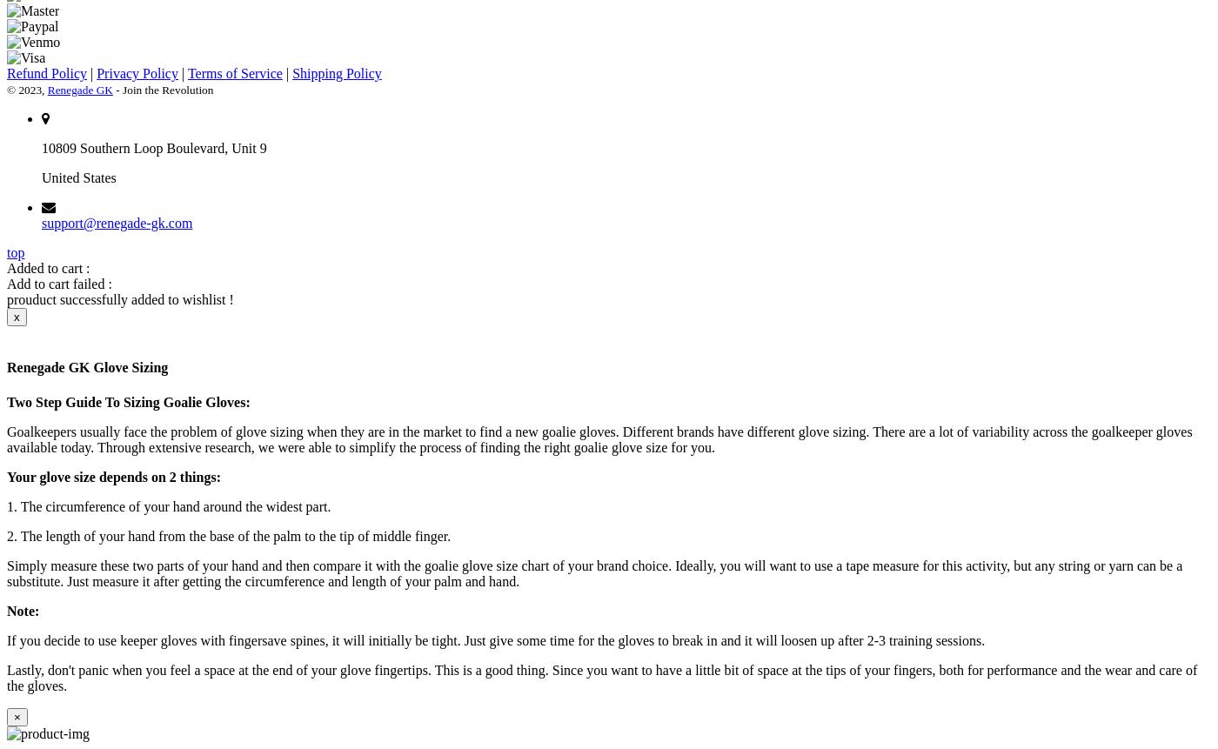 This screenshot has width=1218, height=749. What do you see at coordinates (335, 72) in the screenshot?
I see `'Shipping Policy'` at bounding box center [335, 72].